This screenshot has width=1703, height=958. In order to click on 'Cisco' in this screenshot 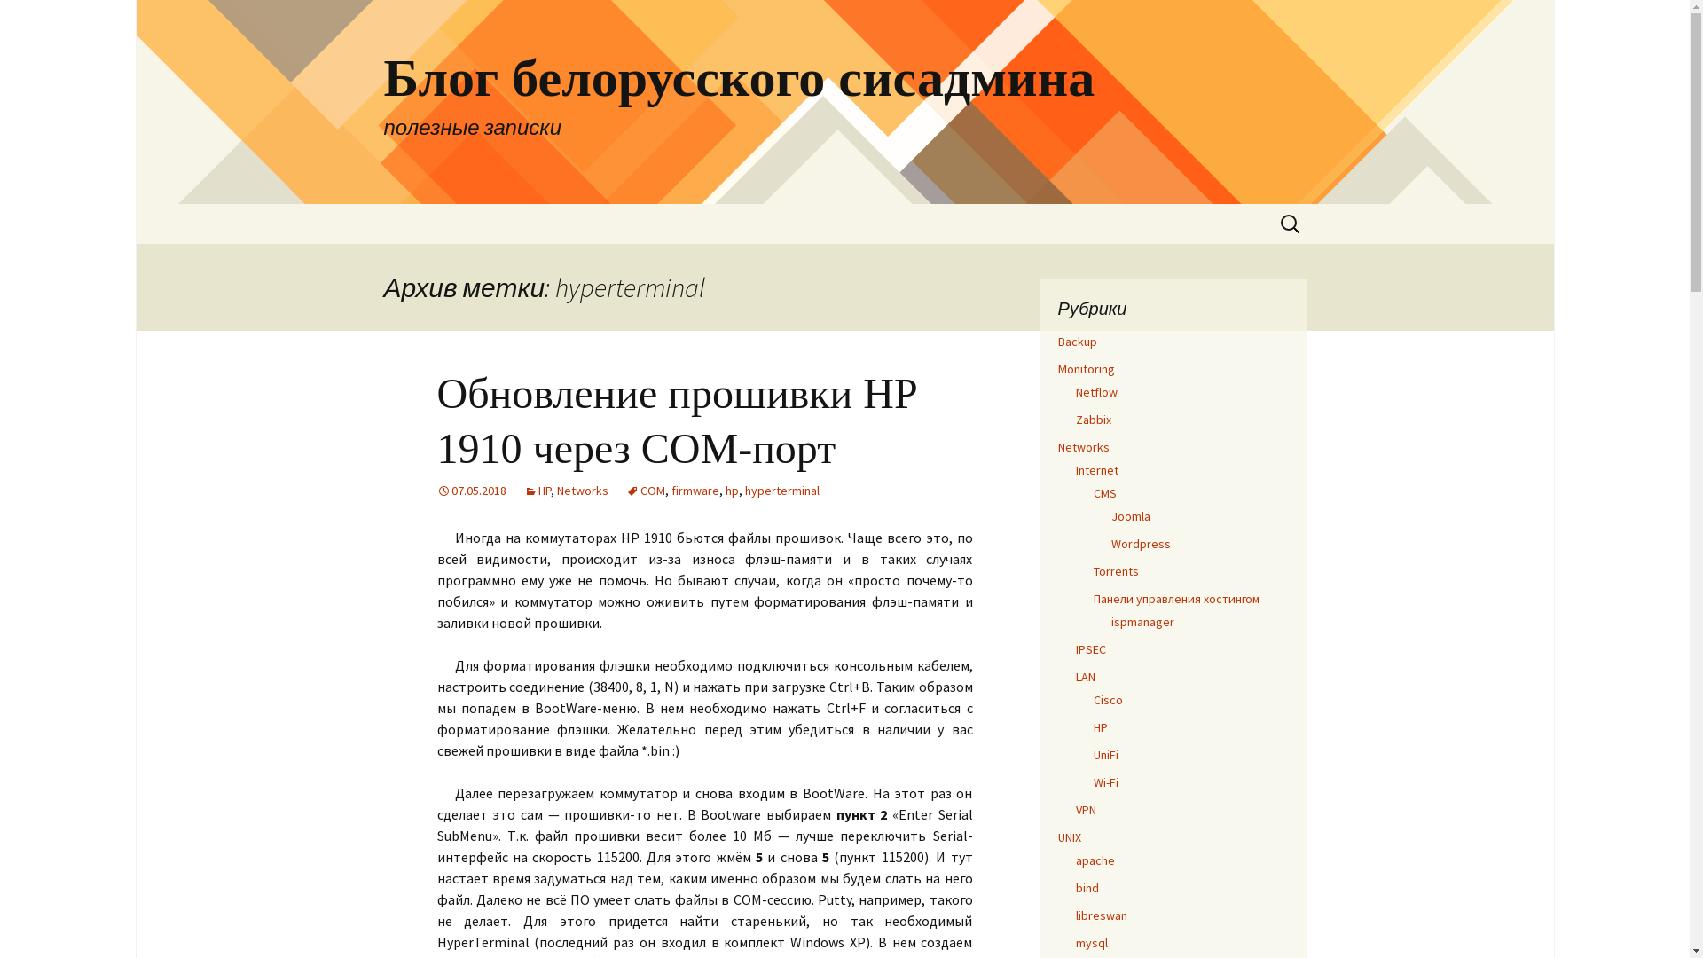, I will do `click(1106, 699)`.